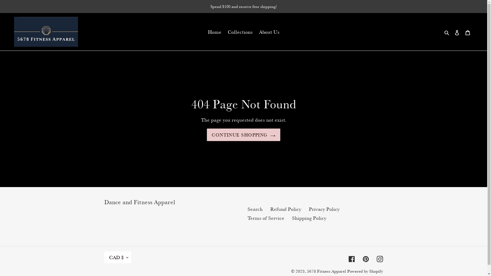 Image resolution: width=491 pixels, height=276 pixels. What do you see at coordinates (309, 209) in the screenshot?
I see `'Privacy Policy'` at bounding box center [309, 209].